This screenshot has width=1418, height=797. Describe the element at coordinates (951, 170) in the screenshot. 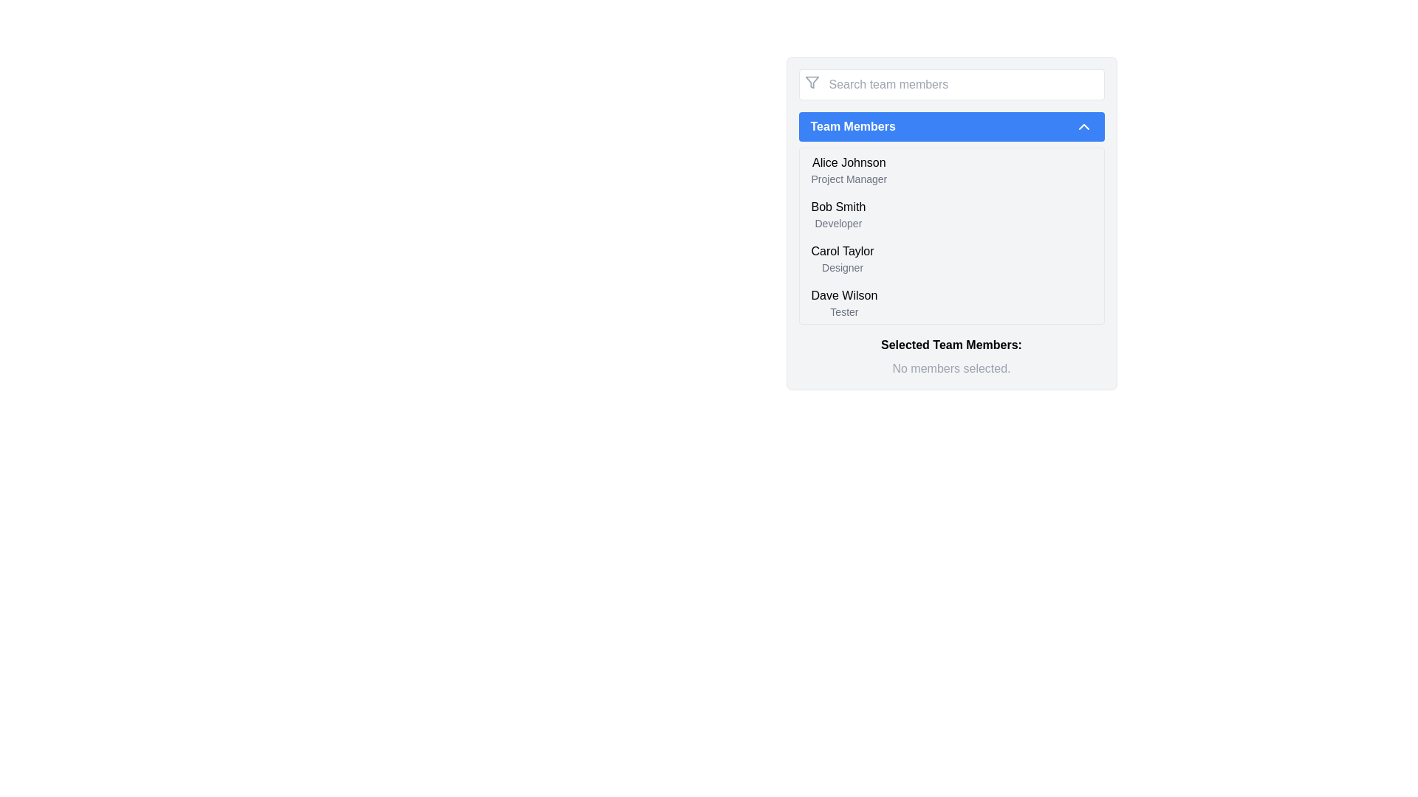

I see `the first list item displaying 'Alice Johnson', which is part of a vertical list of team members` at that location.